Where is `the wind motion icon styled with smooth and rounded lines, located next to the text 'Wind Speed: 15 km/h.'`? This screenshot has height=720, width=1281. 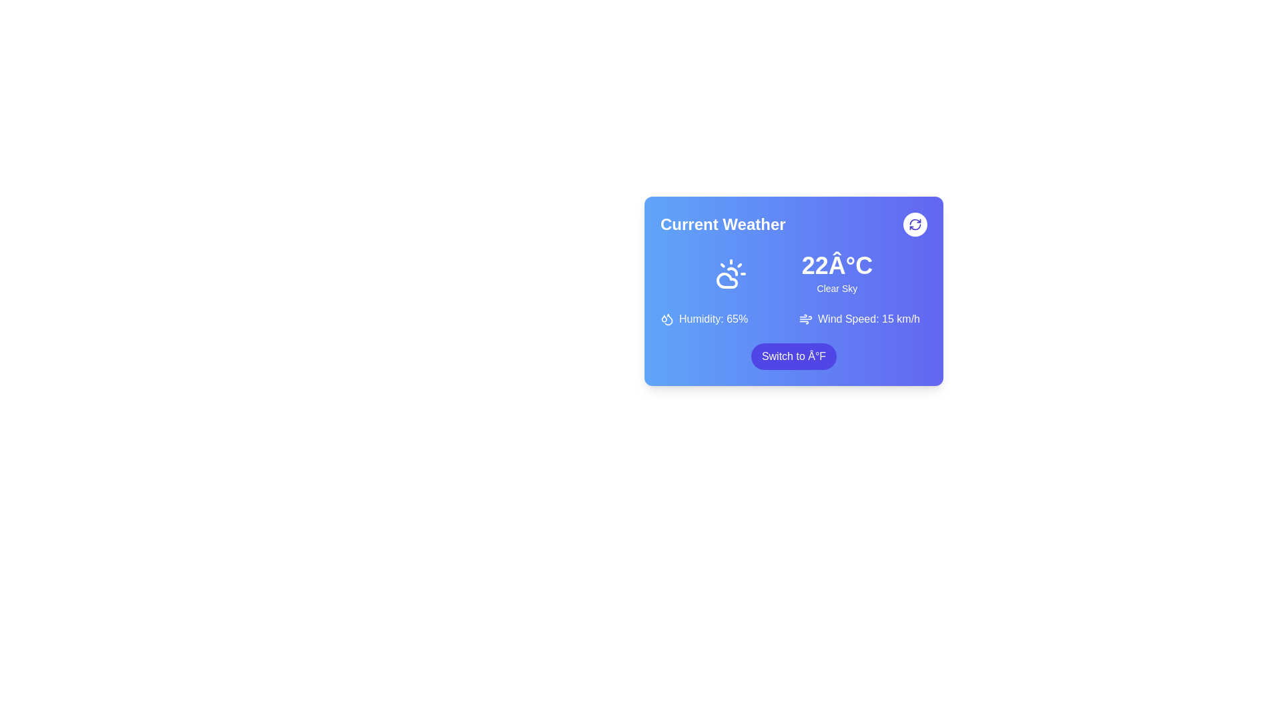 the wind motion icon styled with smooth and rounded lines, located next to the text 'Wind Speed: 15 km/h.' is located at coordinates (805, 319).